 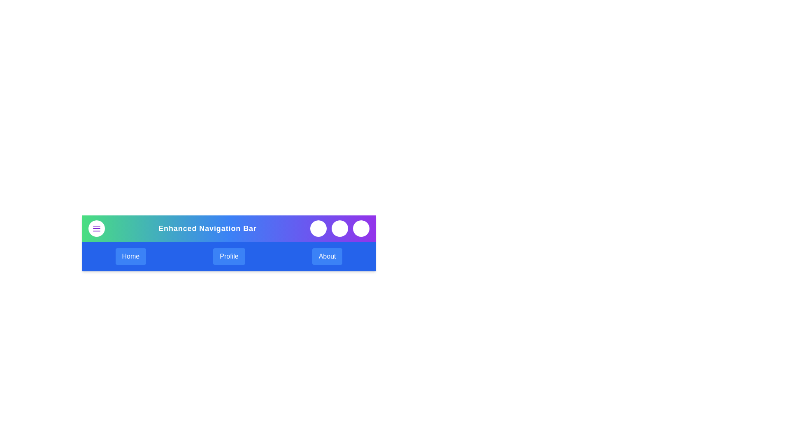 I want to click on the button labeled About to observe its hover effect, so click(x=327, y=256).